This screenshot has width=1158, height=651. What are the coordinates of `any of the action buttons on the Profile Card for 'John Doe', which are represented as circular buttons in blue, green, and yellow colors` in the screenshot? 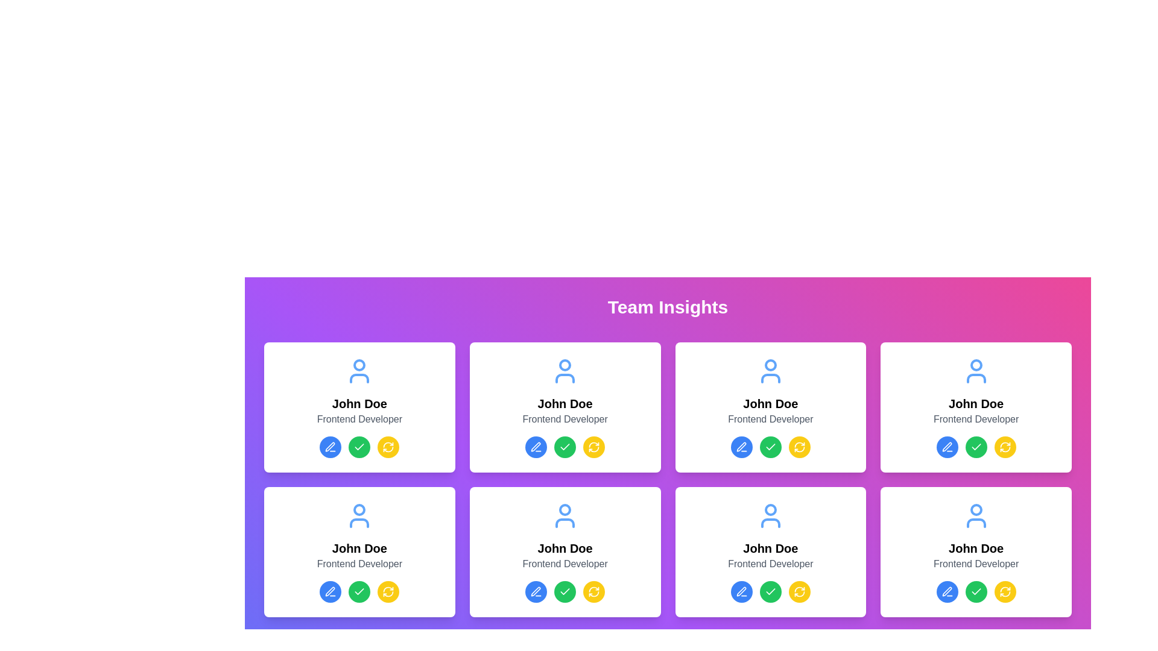 It's located at (359, 552).